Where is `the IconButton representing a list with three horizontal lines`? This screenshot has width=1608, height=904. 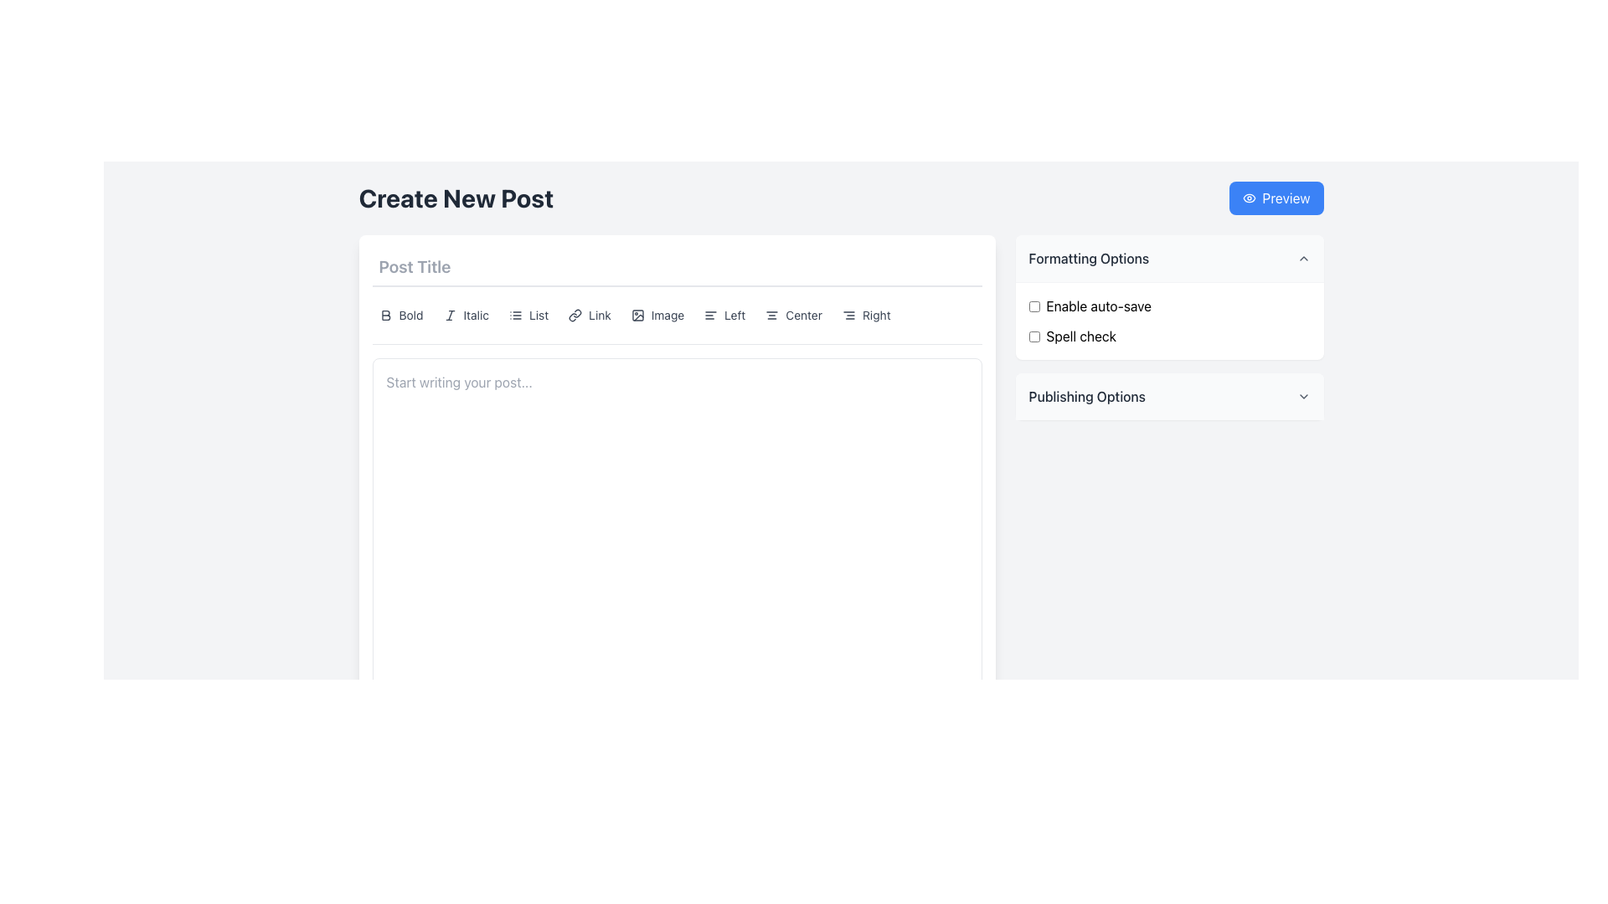
the IconButton representing a list with three horizontal lines is located at coordinates (514, 316).